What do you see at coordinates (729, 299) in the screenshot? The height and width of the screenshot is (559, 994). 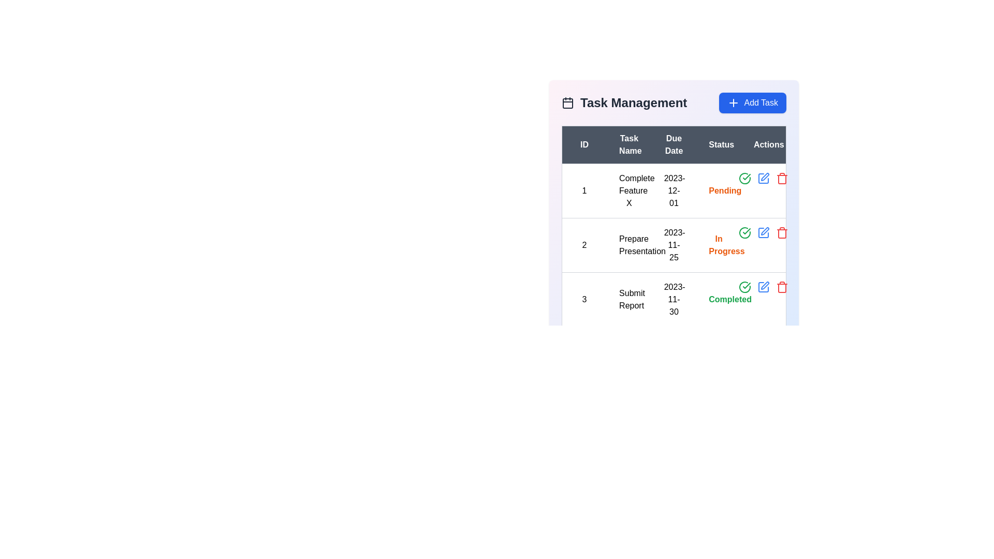 I see `the static text indicating the completion status of the 'Submit Report' task in the 'Status' column of the third row in the table` at bounding box center [729, 299].